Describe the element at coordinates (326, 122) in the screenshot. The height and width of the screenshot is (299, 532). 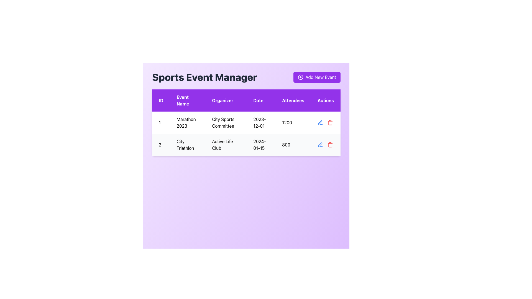
I see `the group of interactive action buttons located in the last column of the first row of the grid table labeled 'Actions'` at that location.